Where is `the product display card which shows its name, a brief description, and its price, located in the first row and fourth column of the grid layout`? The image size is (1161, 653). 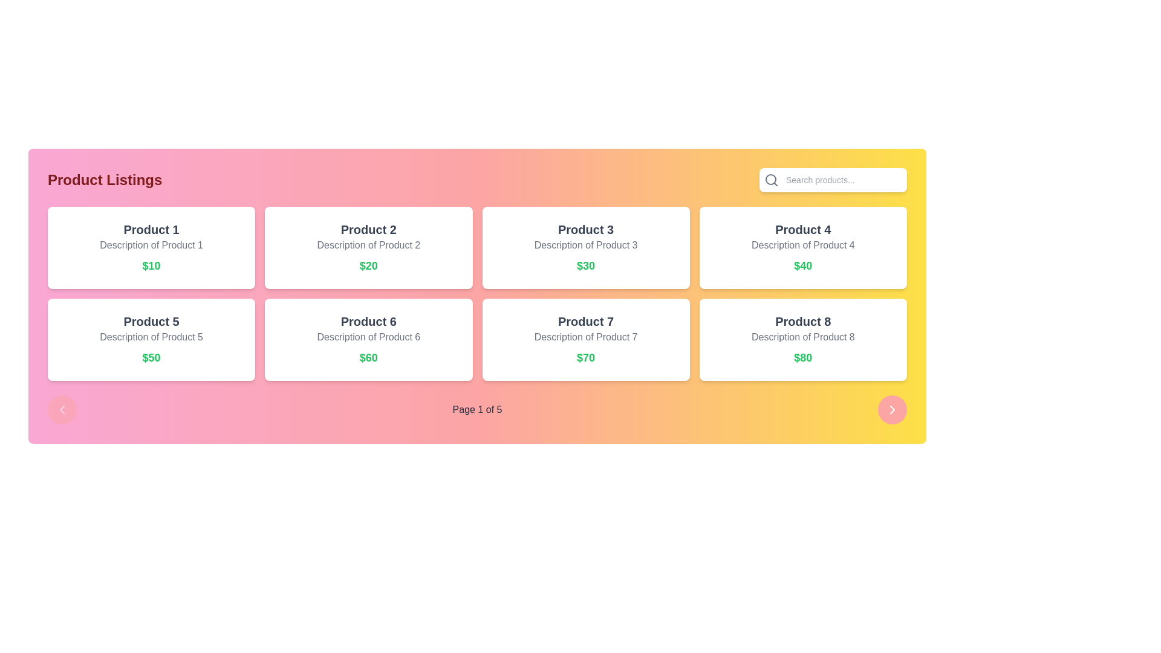
the product display card which shows its name, a brief description, and its price, located in the first row and fourth column of the grid layout is located at coordinates (803, 247).